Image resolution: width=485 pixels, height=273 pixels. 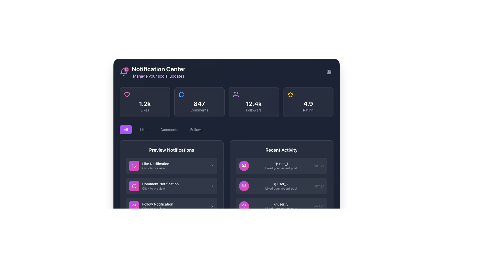 What do you see at coordinates (281, 164) in the screenshot?
I see `text label displaying '@user_1' styled in white within the 'Recent Activity' card` at bounding box center [281, 164].